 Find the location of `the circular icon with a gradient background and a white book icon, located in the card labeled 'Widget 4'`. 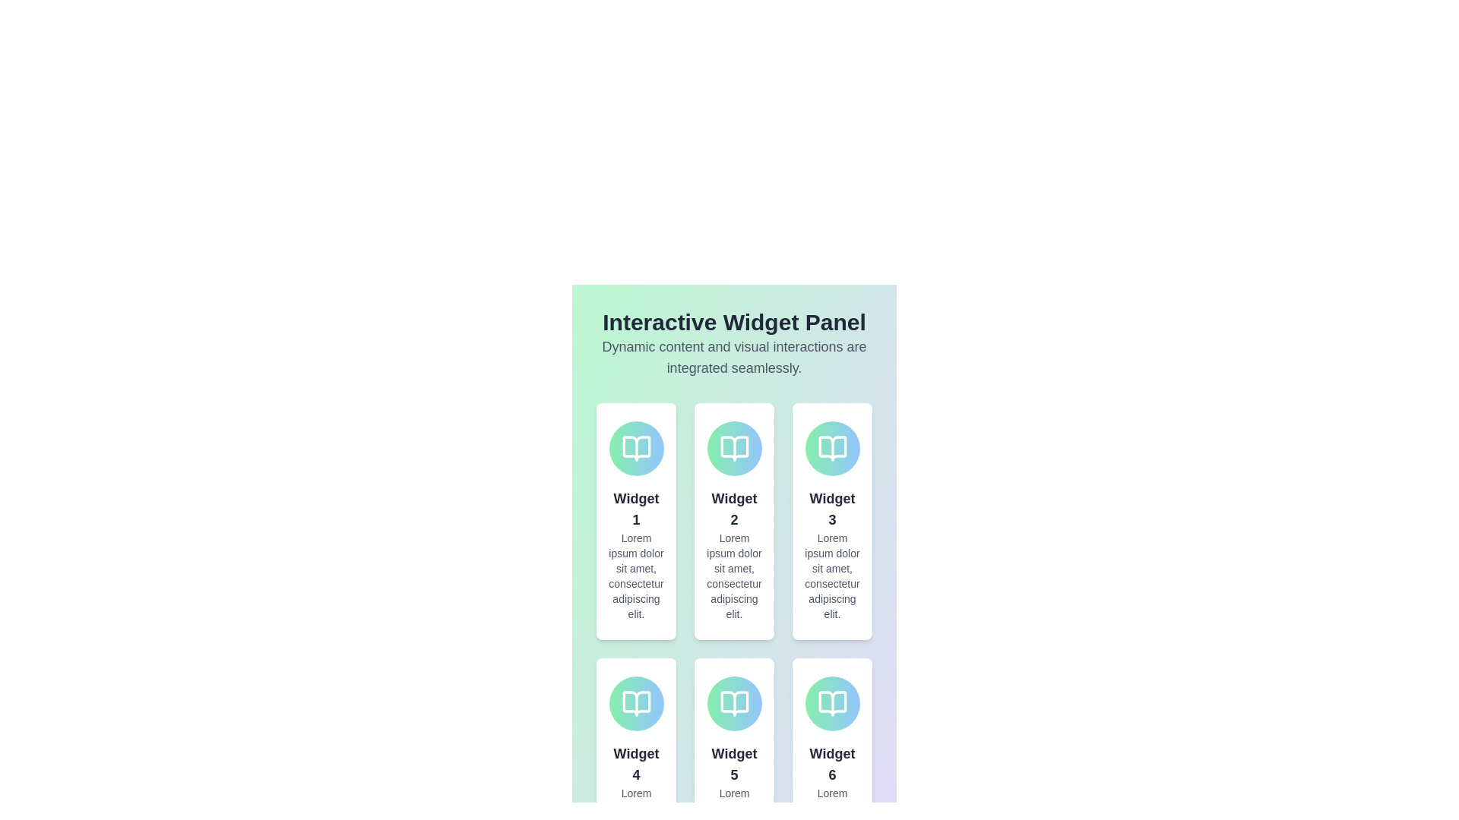

the circular icon with a gradient background and a white book icon, located in the card labeled 'Widget 4' is located at coordinates (636, 703).